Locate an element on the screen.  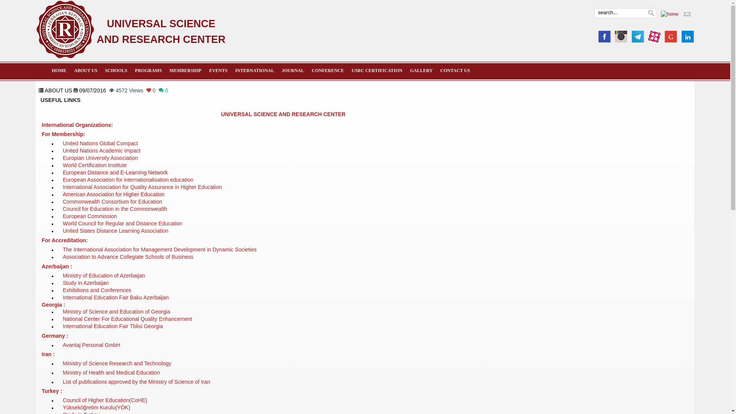
'World Council for Regular and Distance Education' is located at coordinates (123, 225).